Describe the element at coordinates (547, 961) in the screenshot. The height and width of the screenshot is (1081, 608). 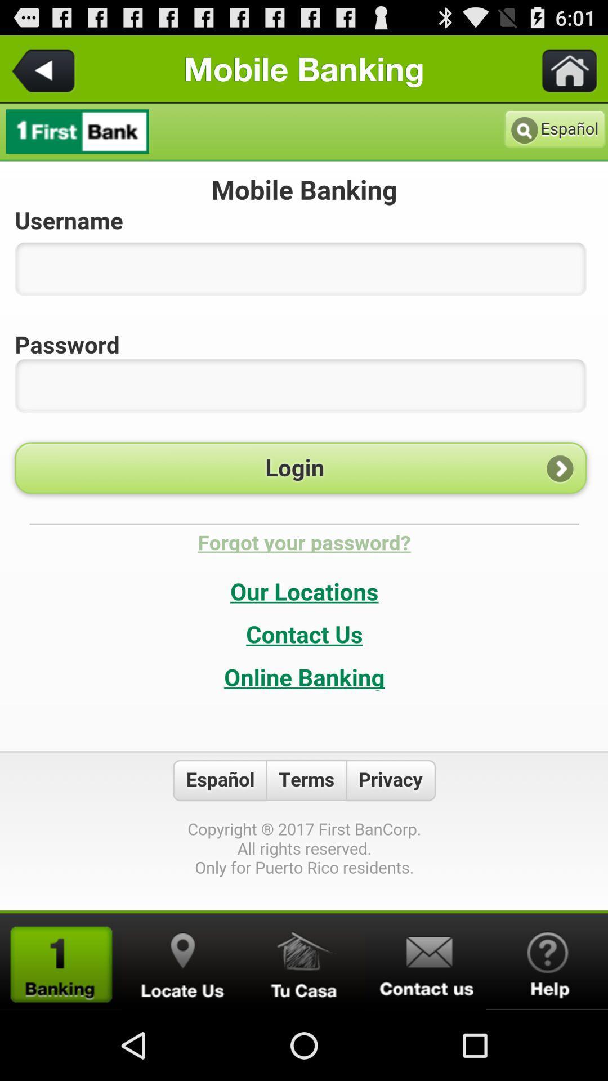
I see `get help` at that location.